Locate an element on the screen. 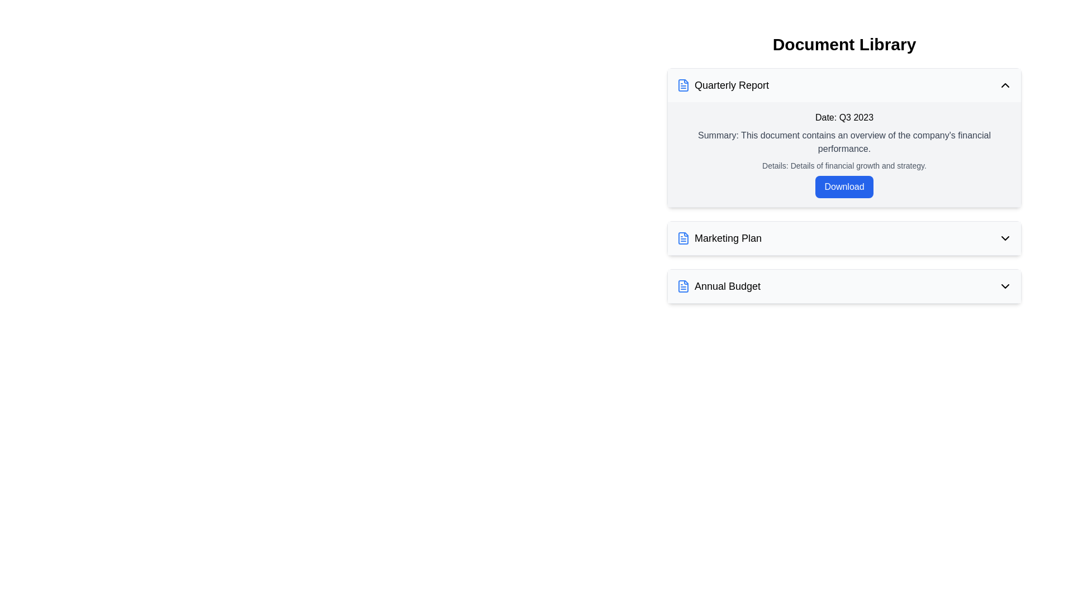 The height and width of the screenshot is (603, 1073). the document icon associated with the 'Annual Budget' text in the 'Document Library' list is located at coordinates (683, 286).